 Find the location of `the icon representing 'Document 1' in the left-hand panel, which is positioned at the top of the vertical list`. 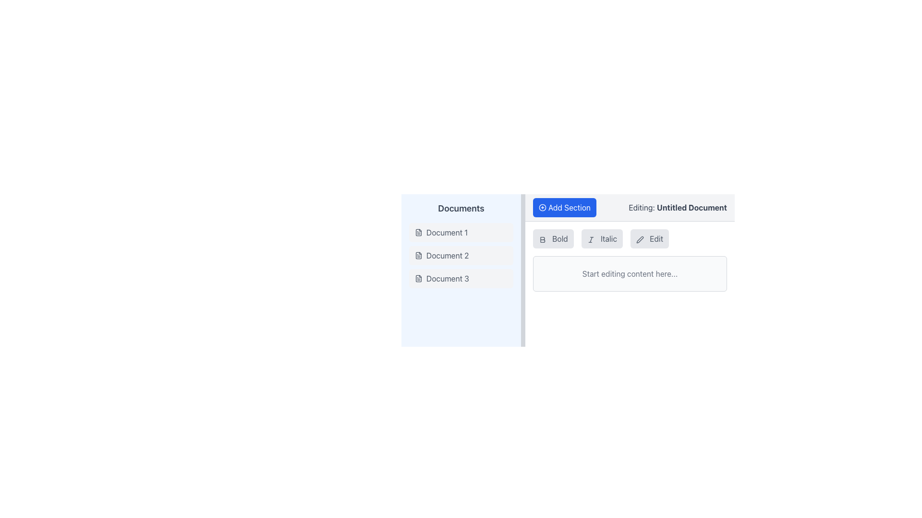

the icon representing 'Document 1' in the left-hand panel, which is positioned at the top of the vertical list is located at coordinates (419, 233).